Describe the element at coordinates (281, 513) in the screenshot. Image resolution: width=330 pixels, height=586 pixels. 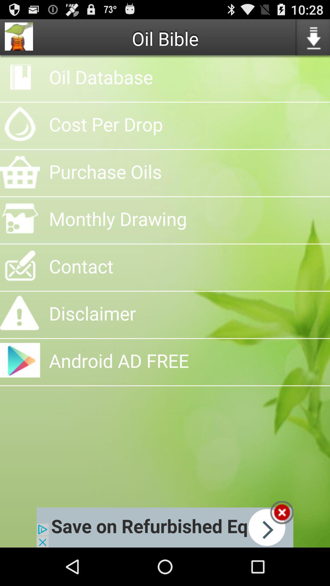
I see `close` at that location.